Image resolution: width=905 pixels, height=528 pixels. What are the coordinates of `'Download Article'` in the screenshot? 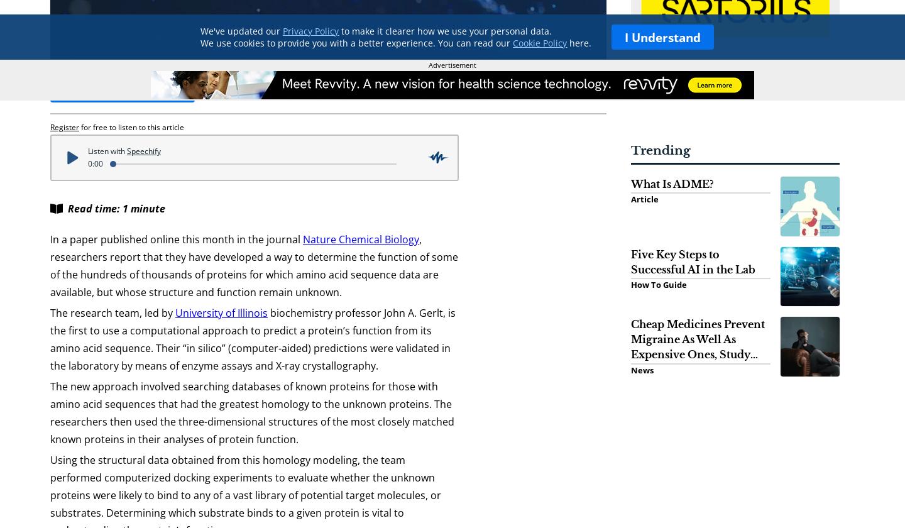 It's located at (77, 89).